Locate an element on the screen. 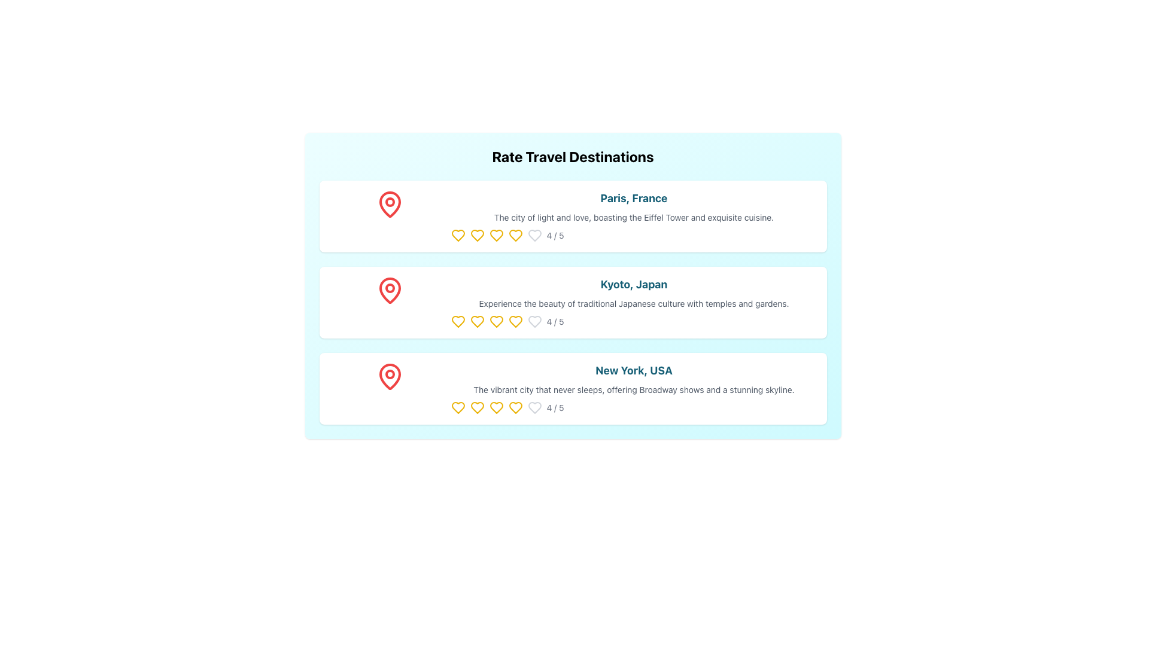  the interactive information card displaying details about 'New York, USA', which is the third card in a vertical list of travel destination cards is located at coordinates (572, 389).